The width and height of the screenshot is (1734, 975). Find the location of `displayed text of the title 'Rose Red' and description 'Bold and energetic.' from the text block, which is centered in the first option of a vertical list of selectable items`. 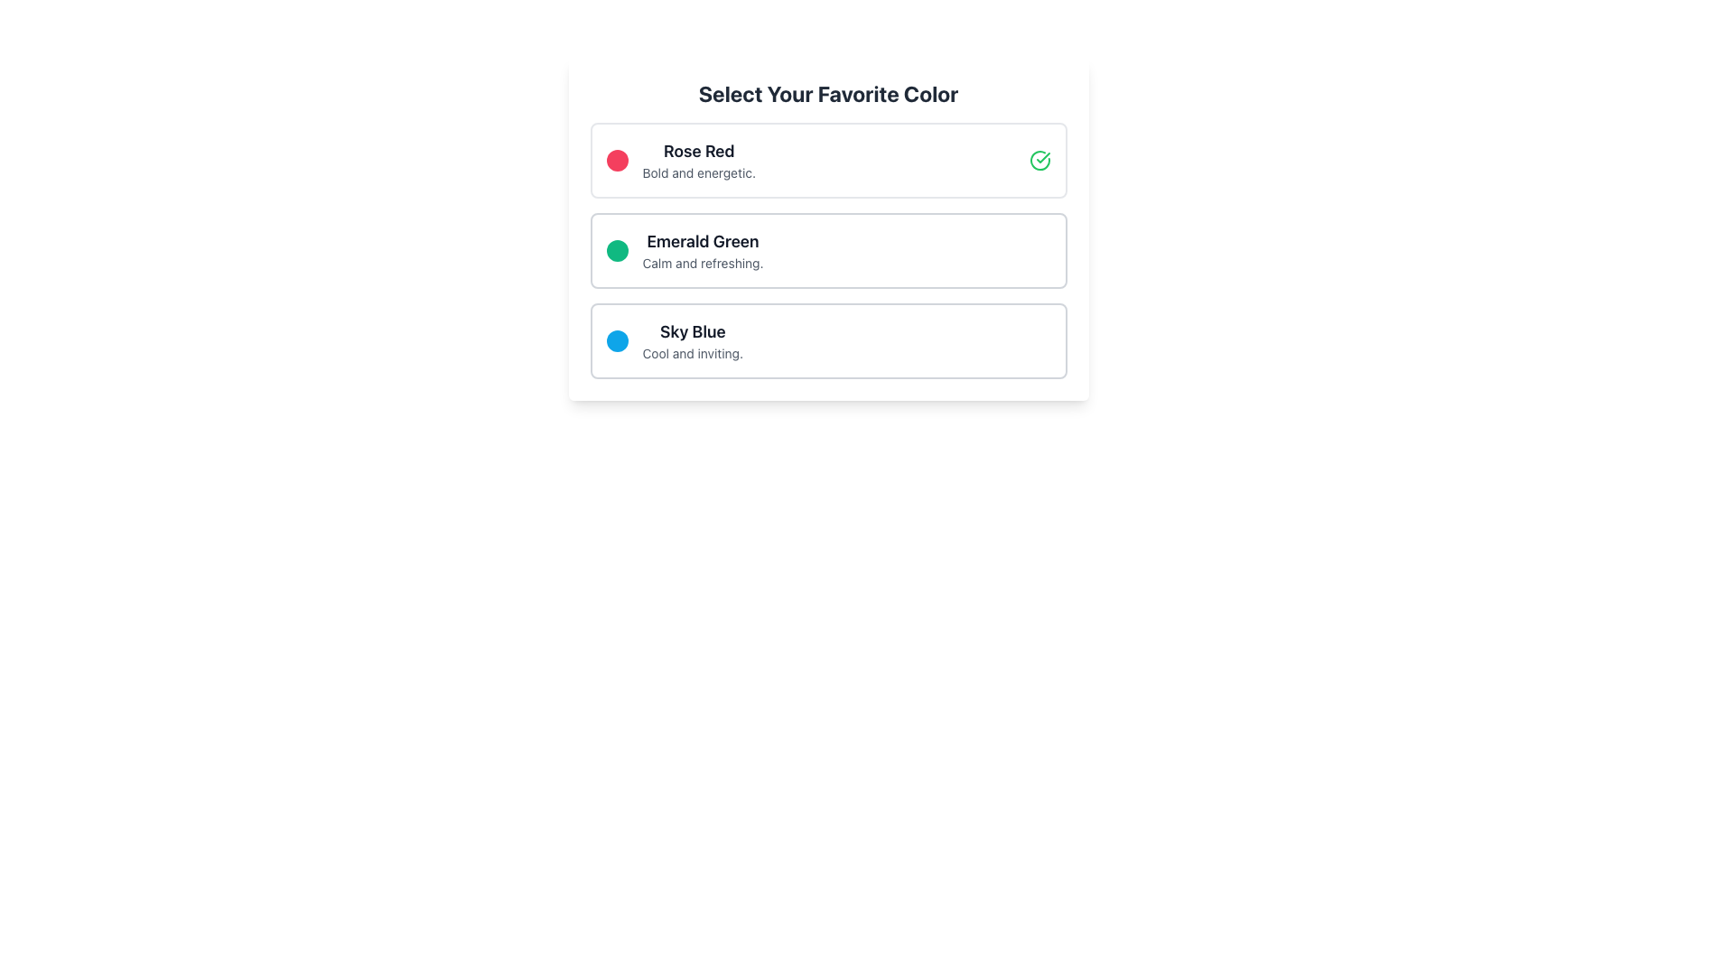

displayed text of the title 'Rose Red' and description 'Bold and energetic.' from the text block, which is centered in the first option of a vertical list of selectable items is located at coordinates (698, 159).